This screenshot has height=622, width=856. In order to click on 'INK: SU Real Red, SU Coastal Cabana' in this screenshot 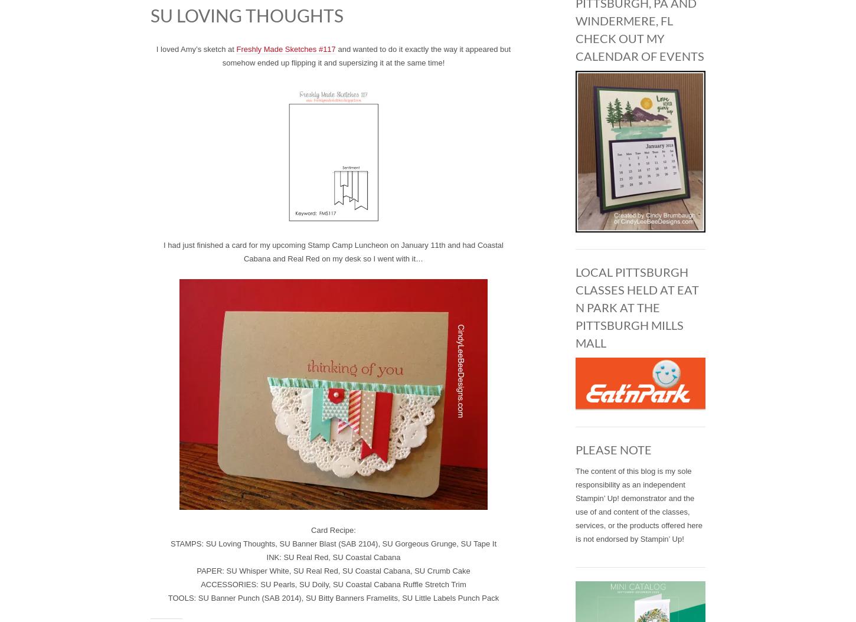, I will do `click(333, 556)`.